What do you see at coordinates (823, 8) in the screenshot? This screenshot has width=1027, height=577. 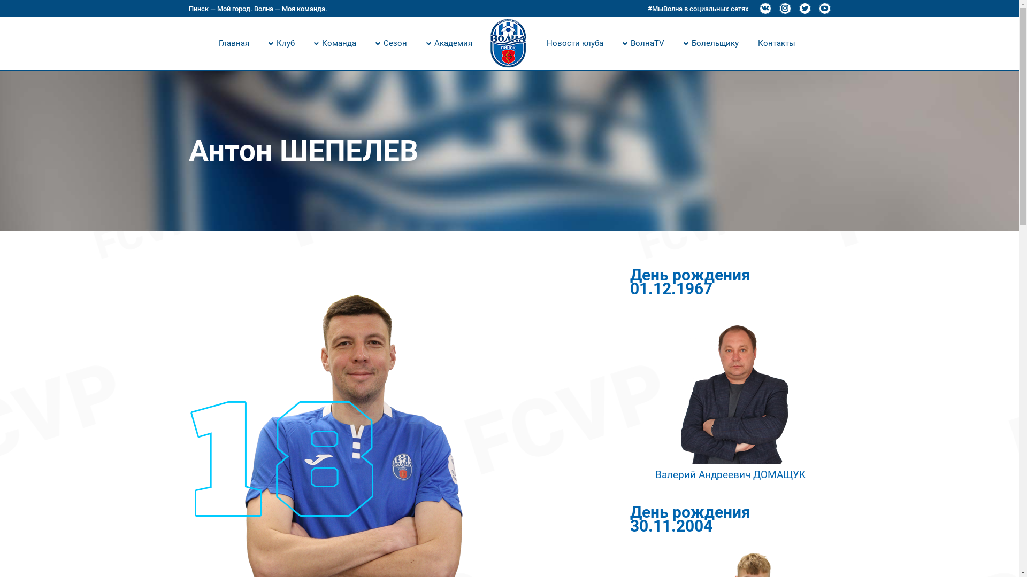 I see `'YouTube'` at bounding box center [823, 8].